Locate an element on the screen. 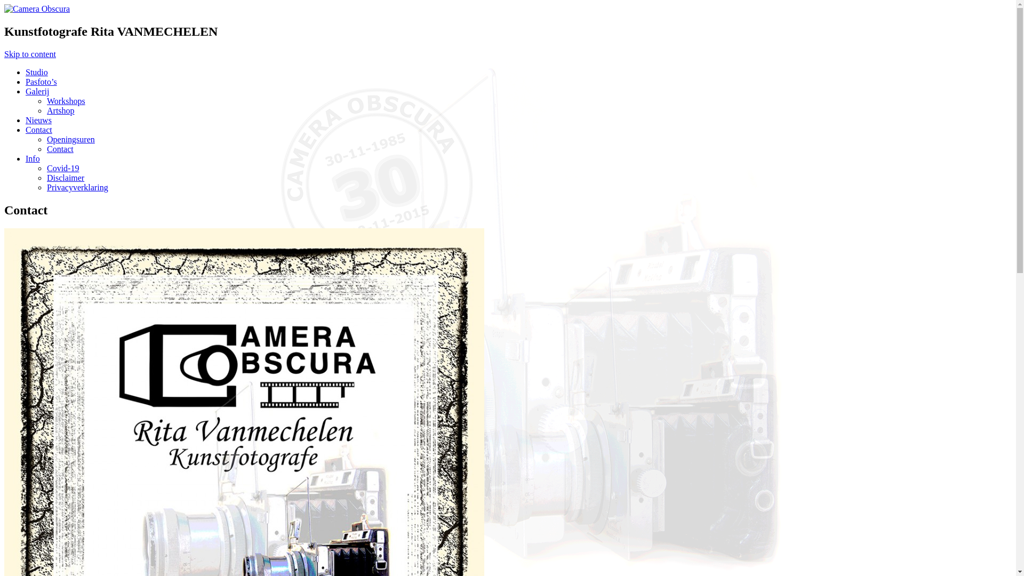 This screenshot has height=576, width=1024. 'Skip to content' is located at coordinates (30, 54).